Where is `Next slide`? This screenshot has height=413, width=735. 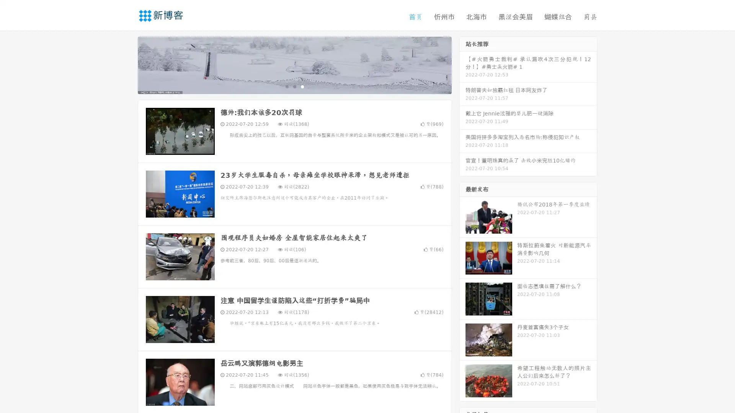
Next slide is located at coordinates (462, 64).